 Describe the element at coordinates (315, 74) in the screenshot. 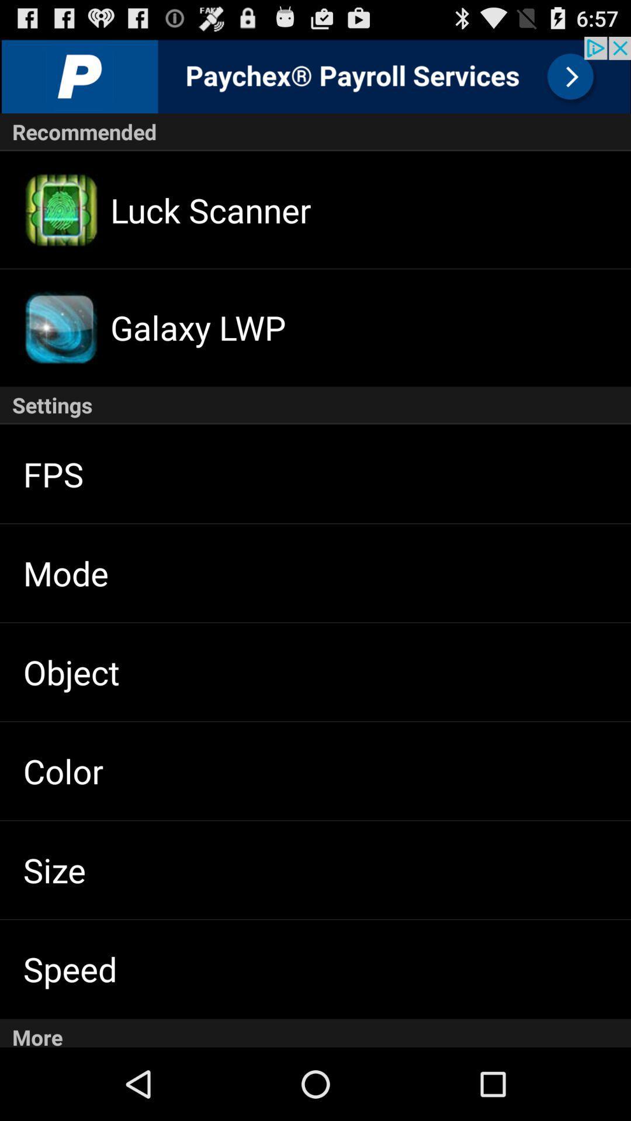

I see `open advertisement` at that location.